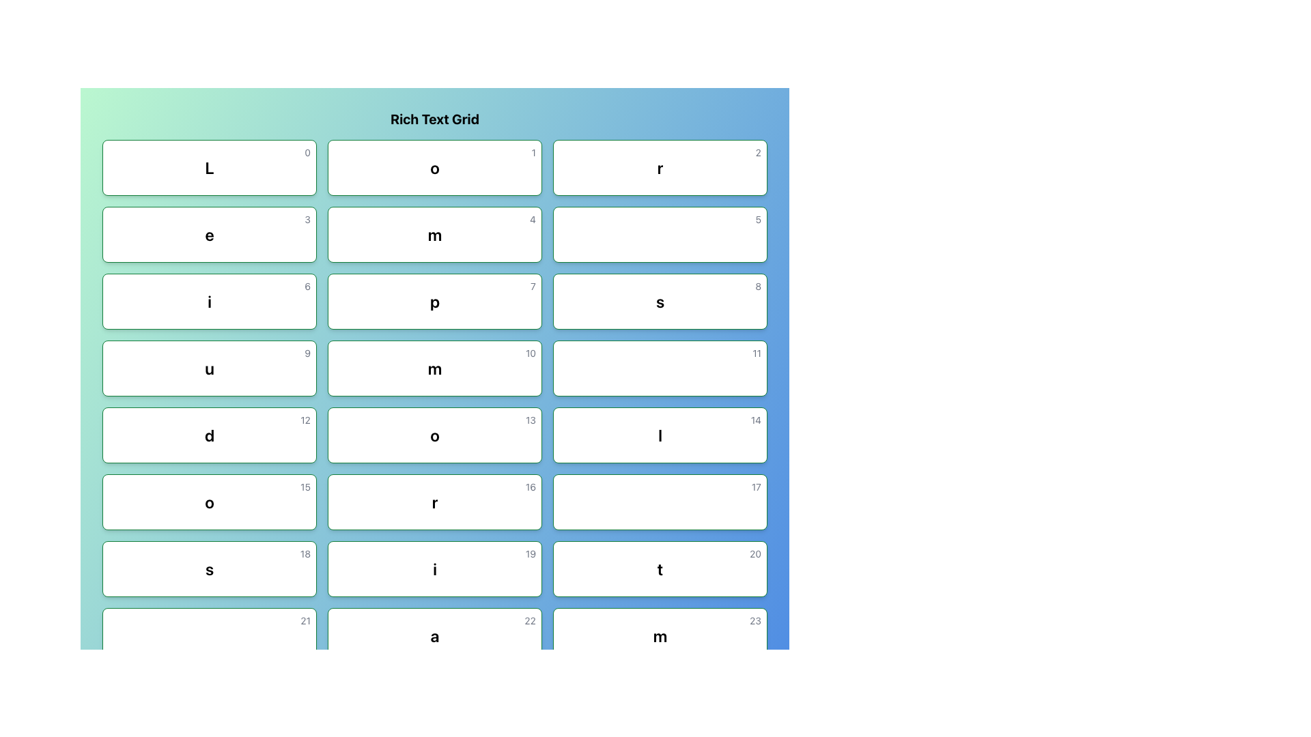  What do you see at coordinates (434, 233) in the screenshot?
I see `the interactive card in the second row and second column, which represents the letter 'm' or the number '4'` at bounding box center [434, 233].